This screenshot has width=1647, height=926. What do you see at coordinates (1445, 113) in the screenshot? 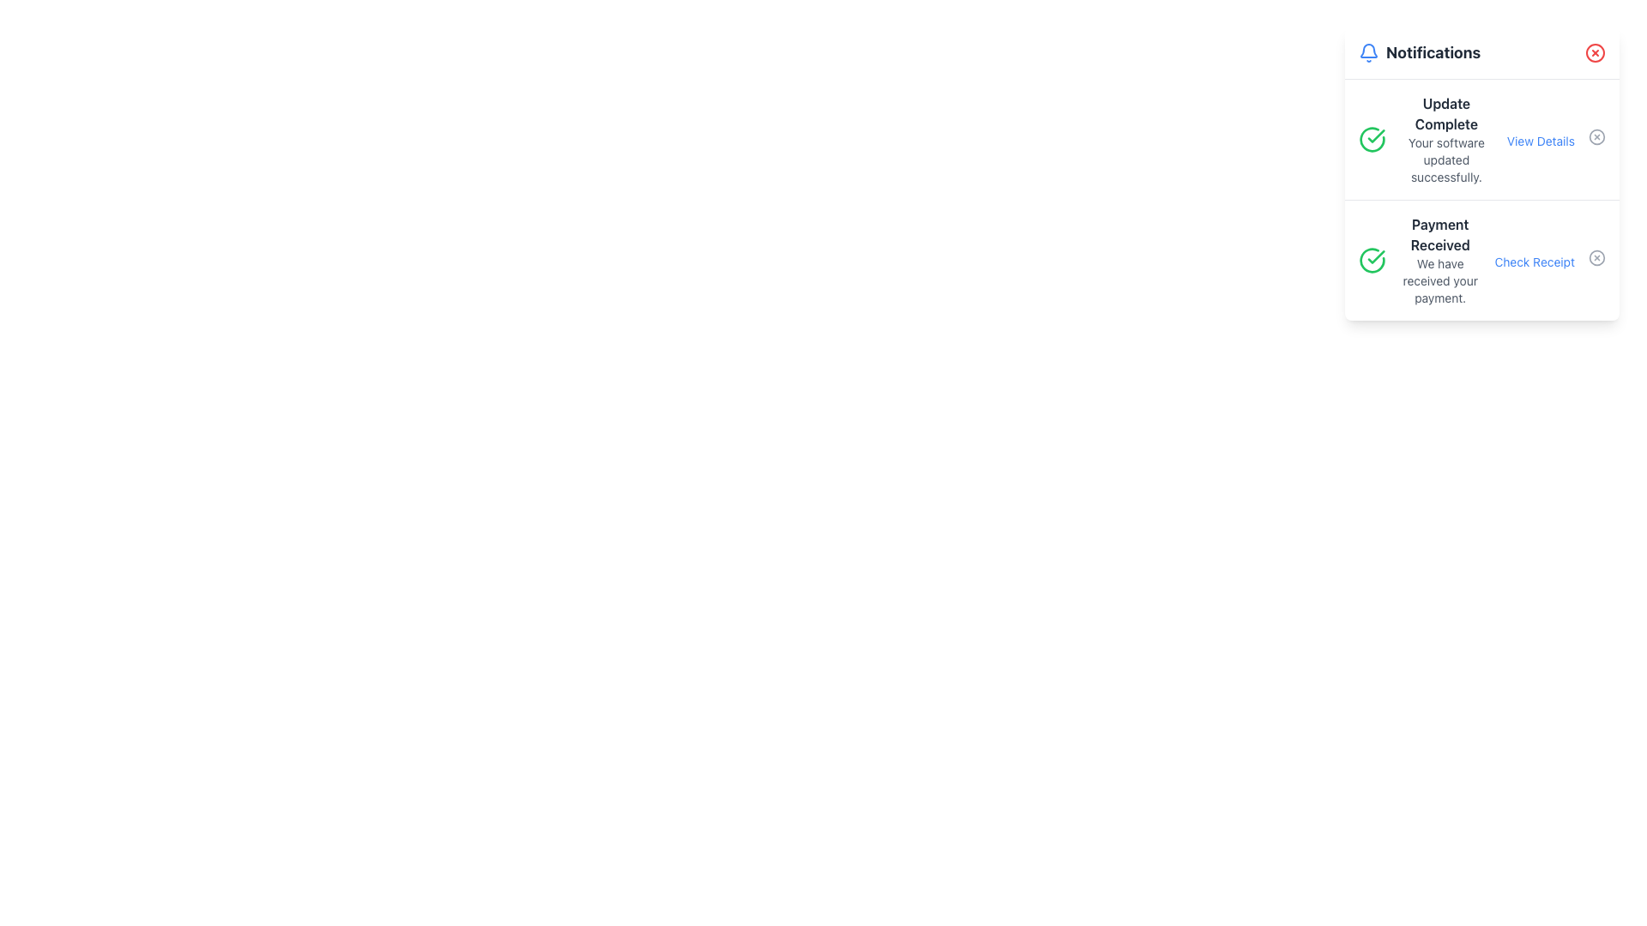
I see `the 'Update Complete' text label, which is the first header in the 'Notifications' dialog box, indicating a successful software update` at bounding box center [1445, 113].